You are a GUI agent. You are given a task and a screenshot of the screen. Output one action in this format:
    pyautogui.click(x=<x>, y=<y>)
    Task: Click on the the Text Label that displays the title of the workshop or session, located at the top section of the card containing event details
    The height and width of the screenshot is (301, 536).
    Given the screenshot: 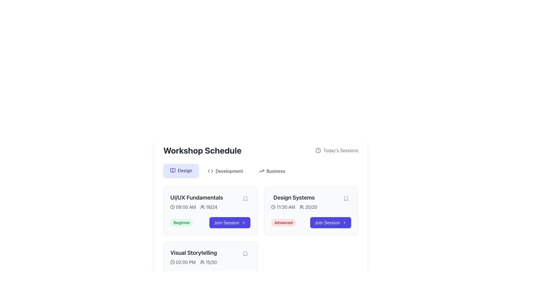 What is the action you would take?
    pyautogui.click(x=294, y=197)
    